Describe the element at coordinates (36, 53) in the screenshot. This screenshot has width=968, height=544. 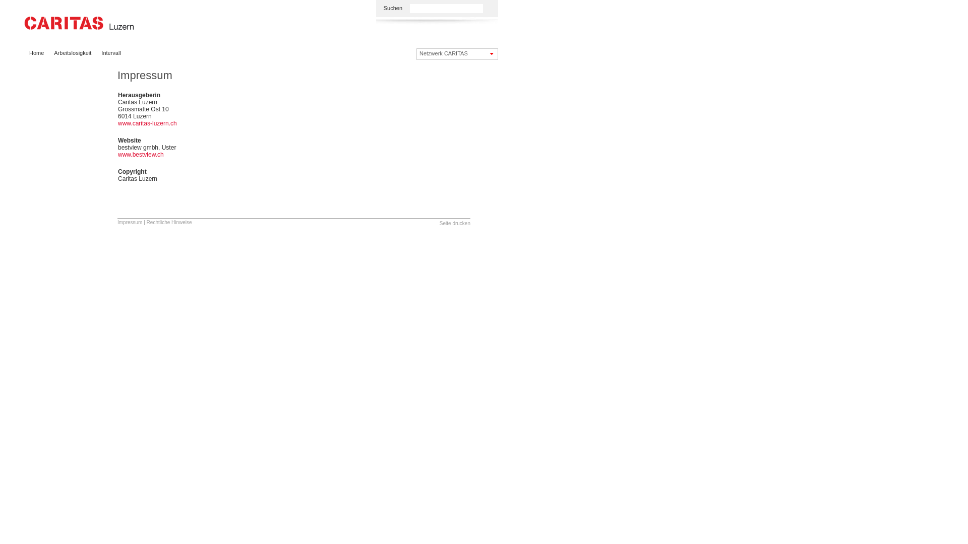
I see `'Home'` at that location.